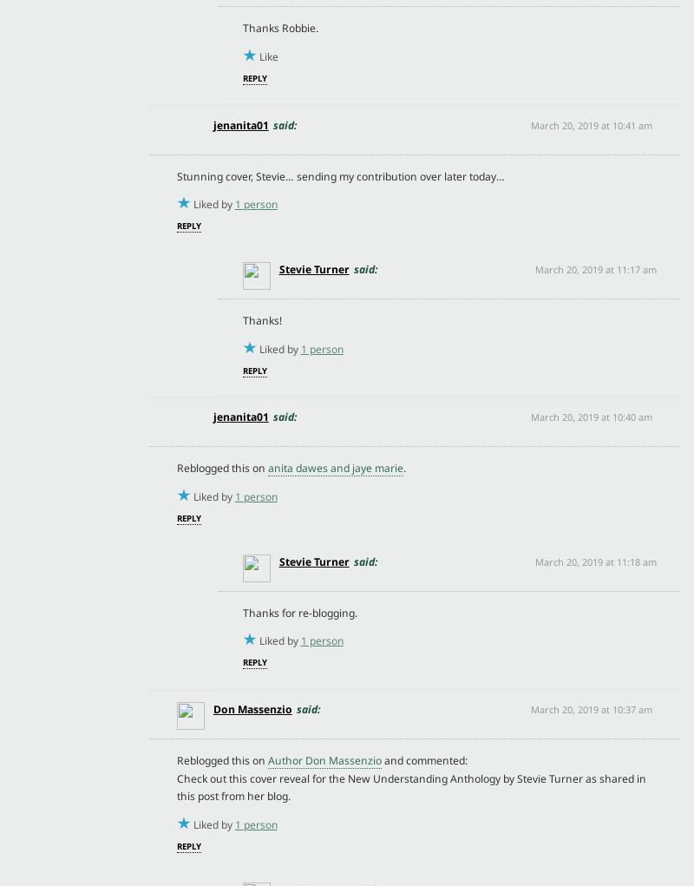 The width and height of the screenshot is (694, 886). What do you see at coordinates (423, 758) in the screenshot?
I see `'and commented:'` at bounding box center [423, 758].